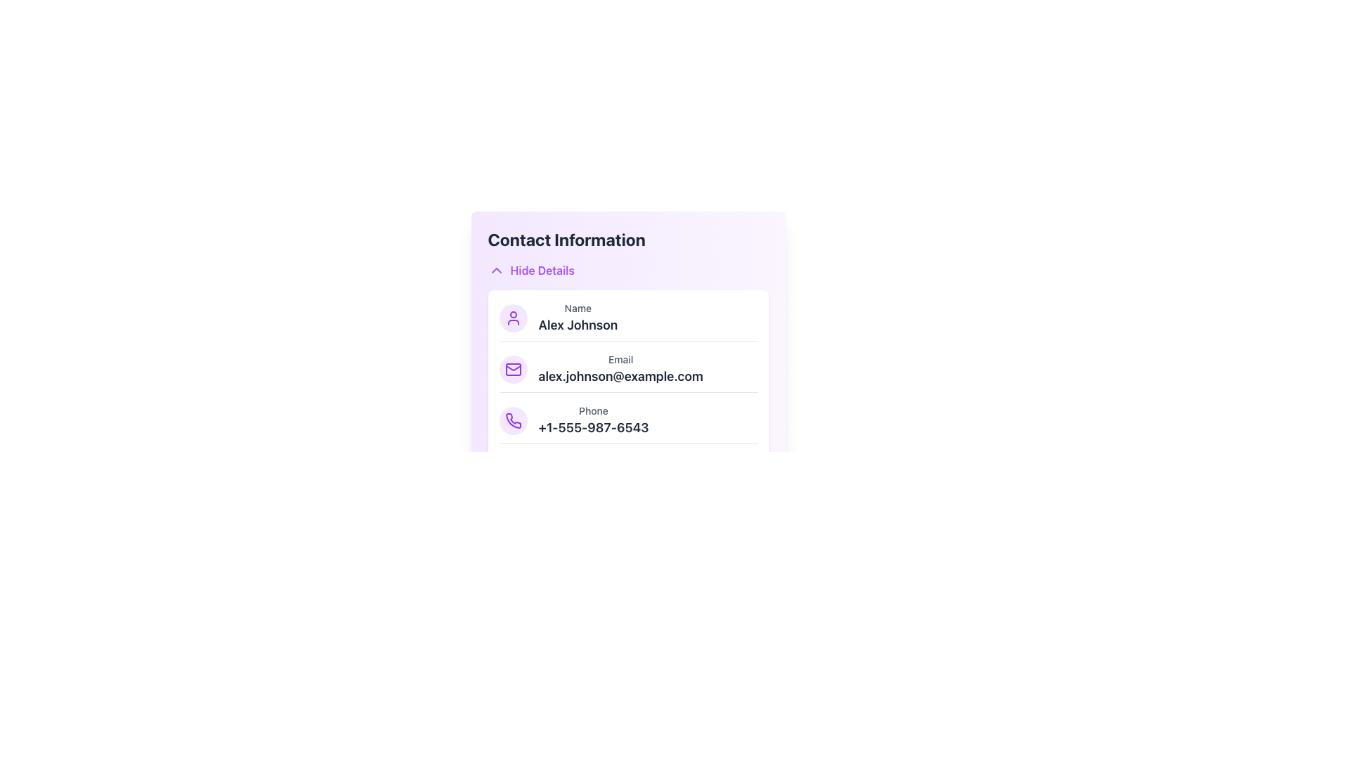 This screenshot has height=759, width=1349. Describe the element at coordinates (578, 308) in the screenshot. I see `the 'Name' text label, which is displayed in gray on a white background and aligned to the left of the profile name 'Alex Johnson'` at that location.